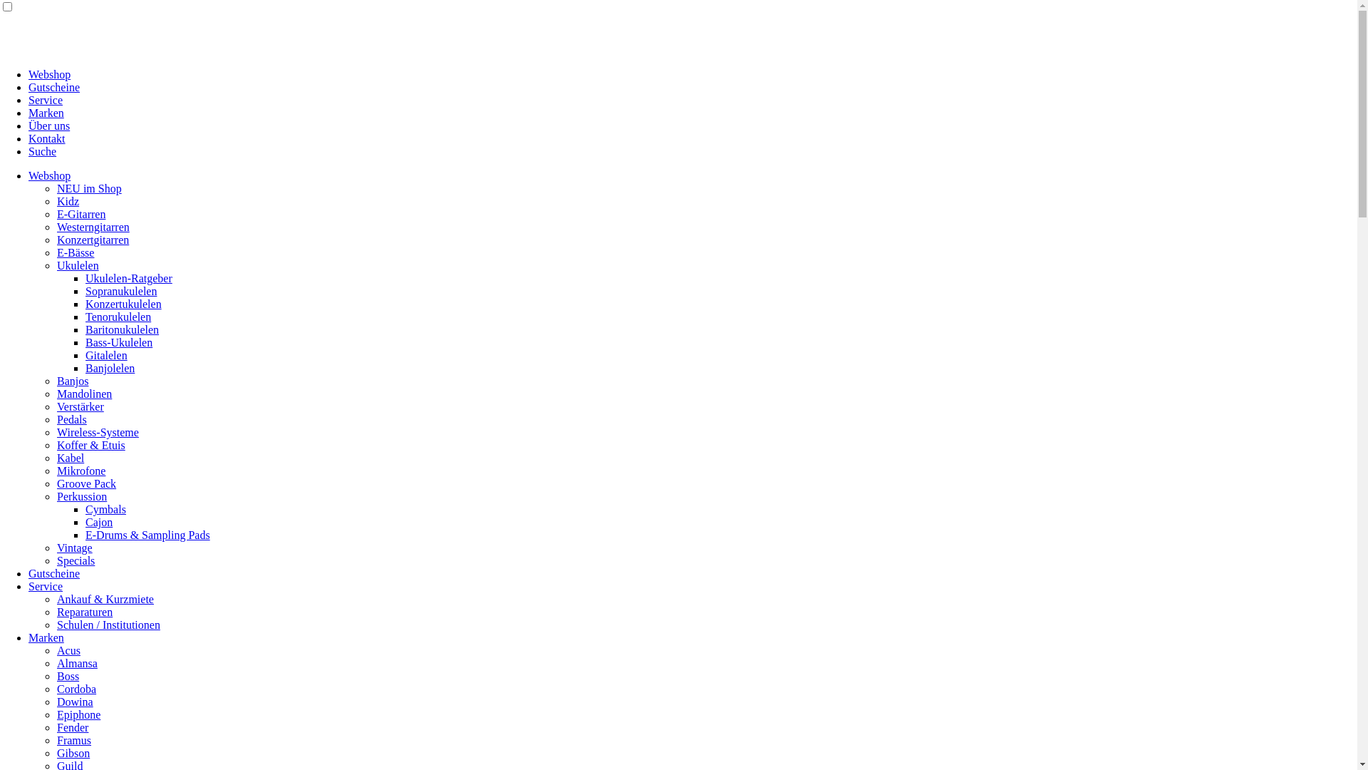 This screenshot has height=770, width=1368. Describe the element at coordinates (78, 714) in the screenshot. I see `'Epiphone'` at that location.